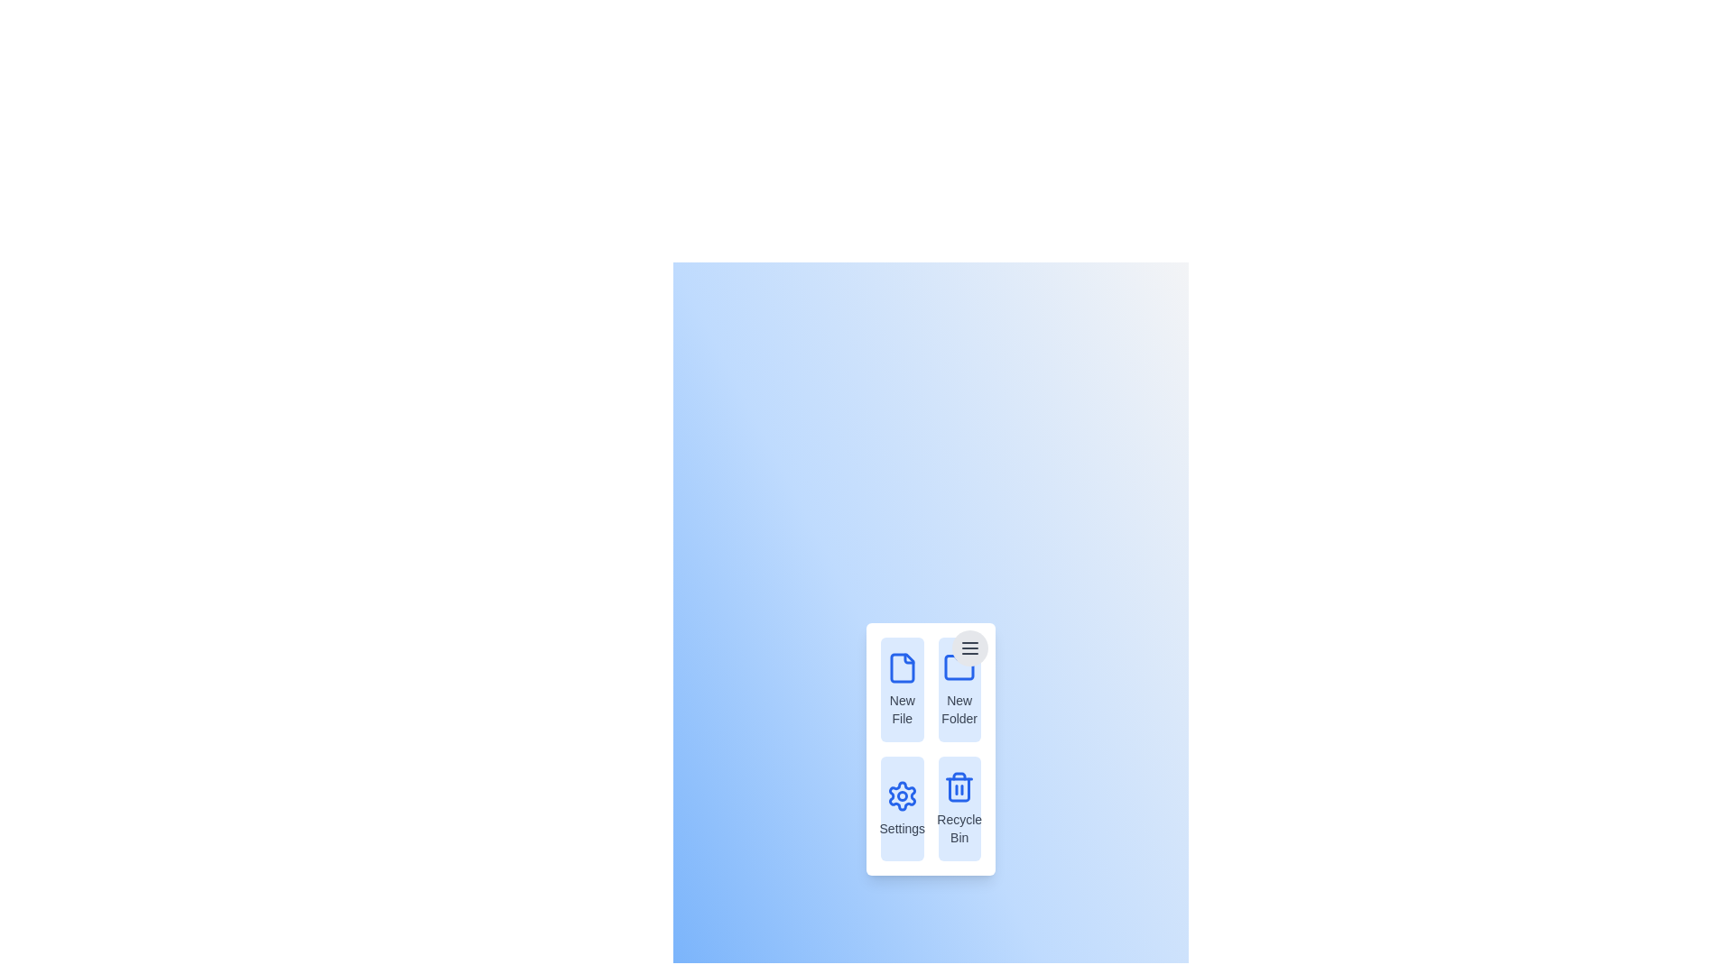 The height and width of the screenshot is (974, 1733). What do you see at coordinates (902, 808) in the screenshot?
I see `the menu item Settings from the context menu` at bounding box center [902, 808].